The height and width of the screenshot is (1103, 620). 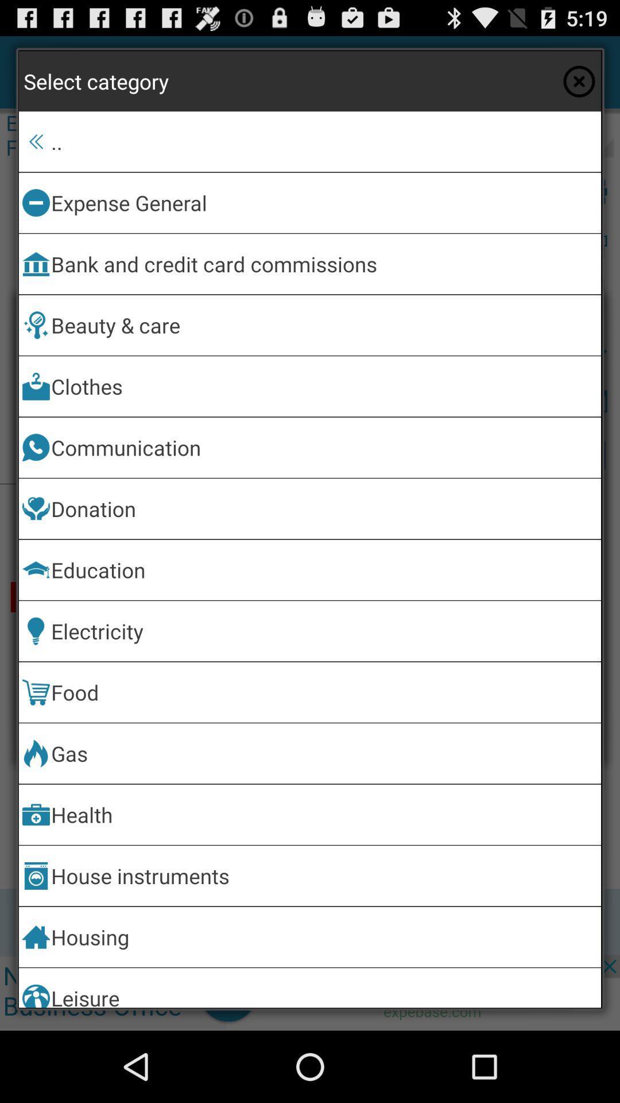 What do you see at coordinates (579, 86) in the screenshot?
I see `the close icon` at bounding box center [579, 86].